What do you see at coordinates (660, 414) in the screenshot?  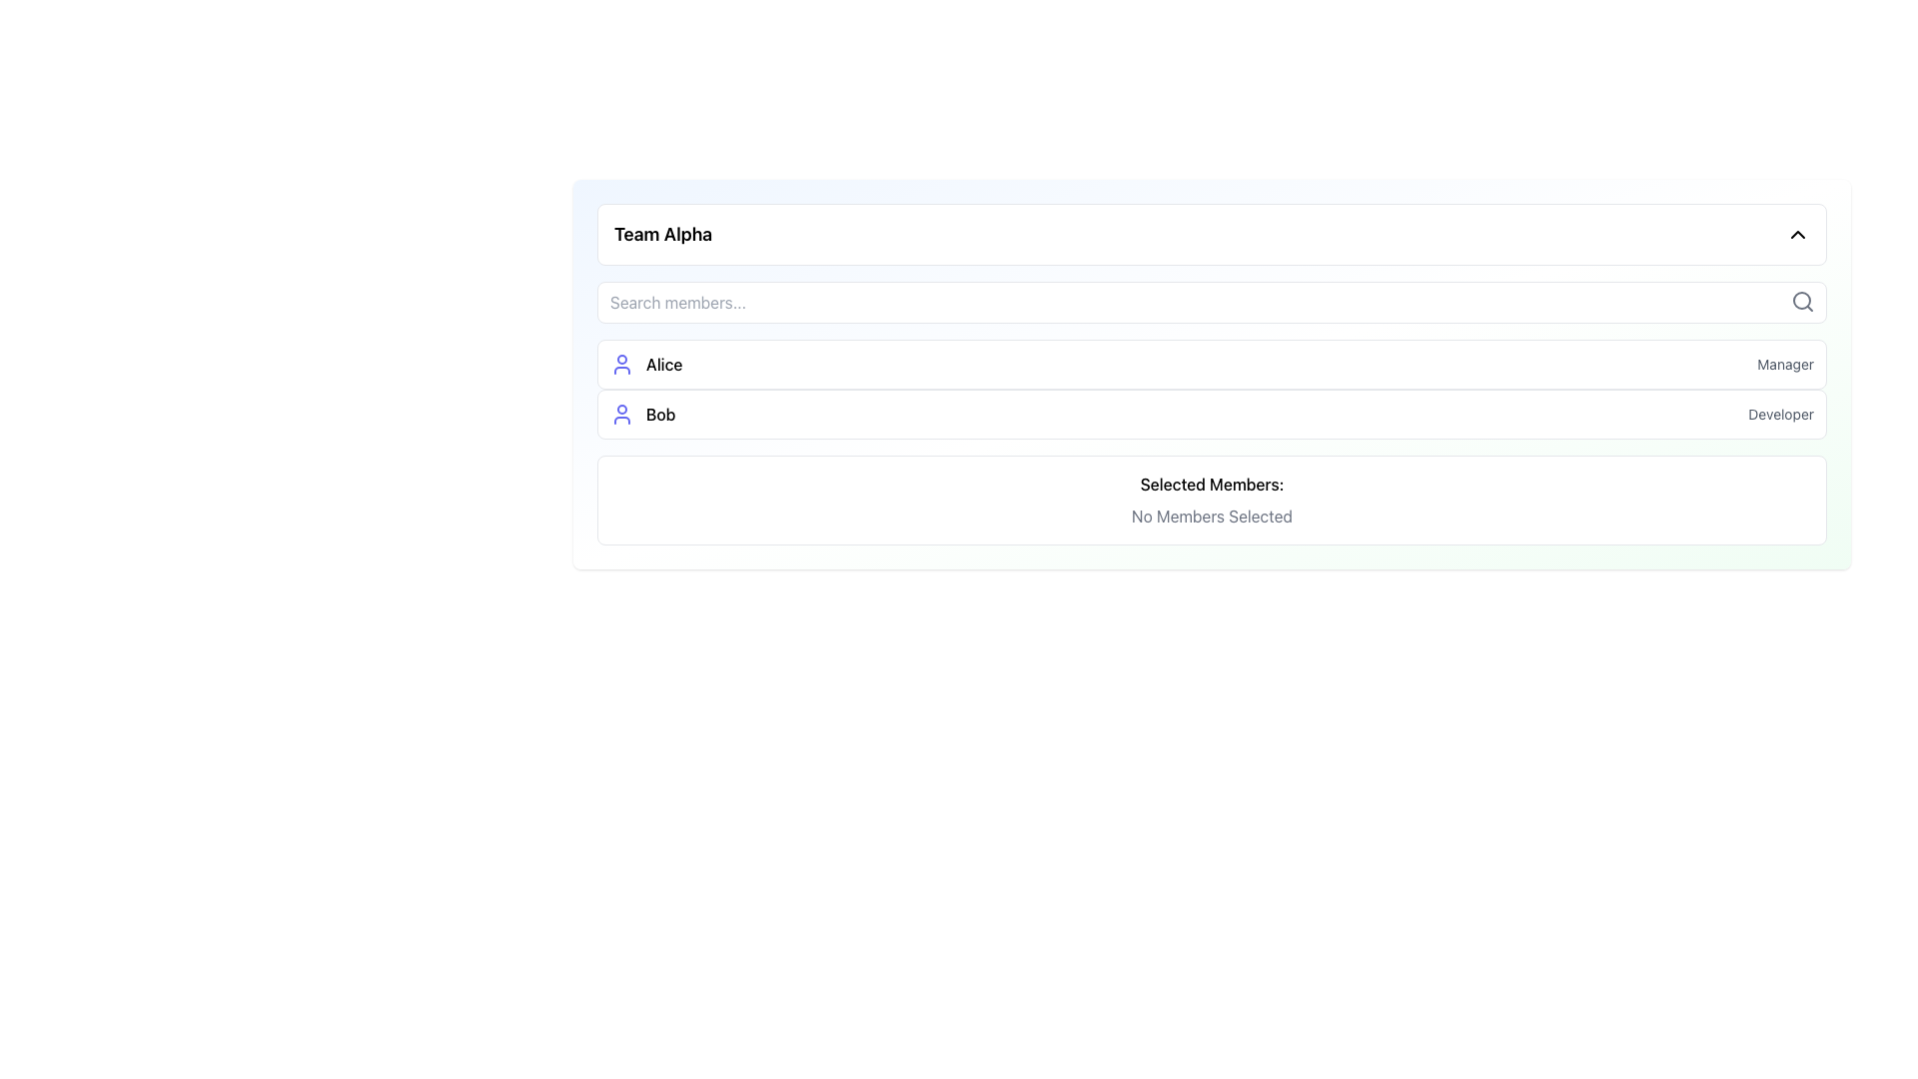 I see `the text label identifying the user 'Bob'` at bounding box center [660, 414].